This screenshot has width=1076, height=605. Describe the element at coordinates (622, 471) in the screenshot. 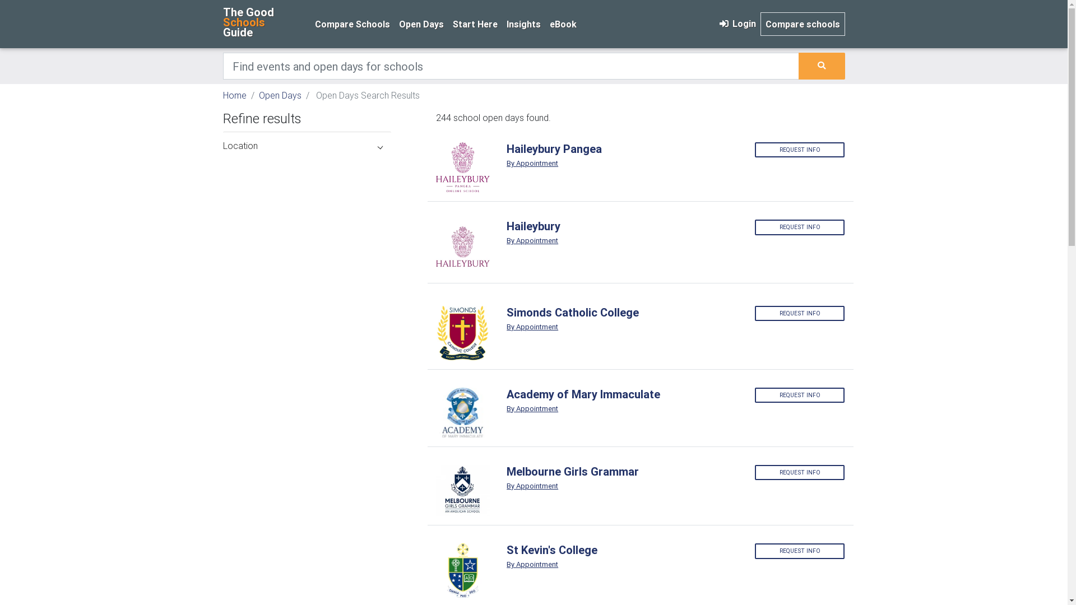

I see `'Melbourne Girls Grammar'` at that location.